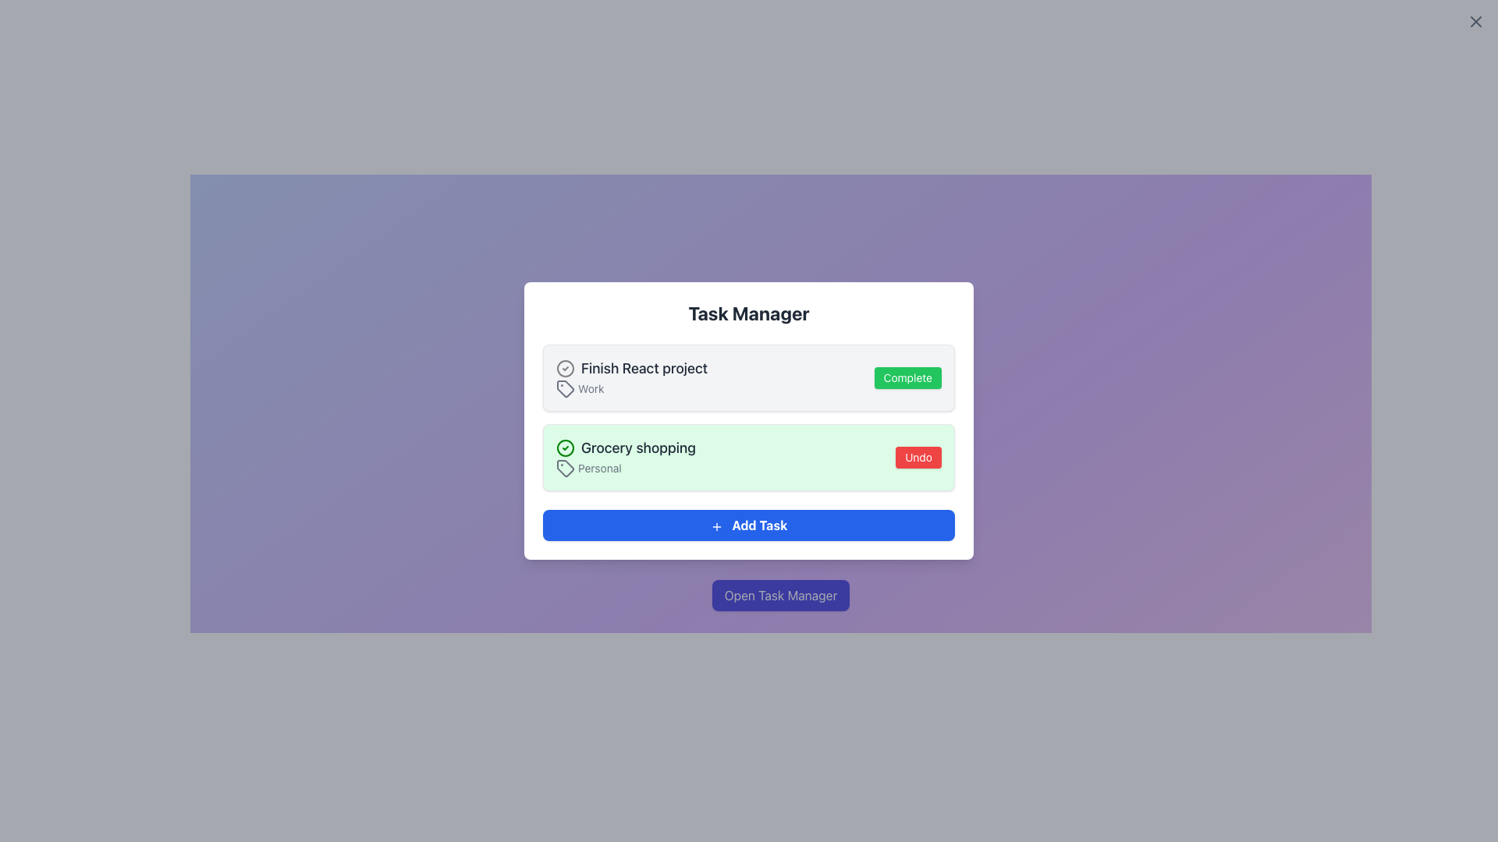  I want to click on the bold heading text label 'Task Manager' which is prominently placed at the top of a white modal box, so click(749, 313).